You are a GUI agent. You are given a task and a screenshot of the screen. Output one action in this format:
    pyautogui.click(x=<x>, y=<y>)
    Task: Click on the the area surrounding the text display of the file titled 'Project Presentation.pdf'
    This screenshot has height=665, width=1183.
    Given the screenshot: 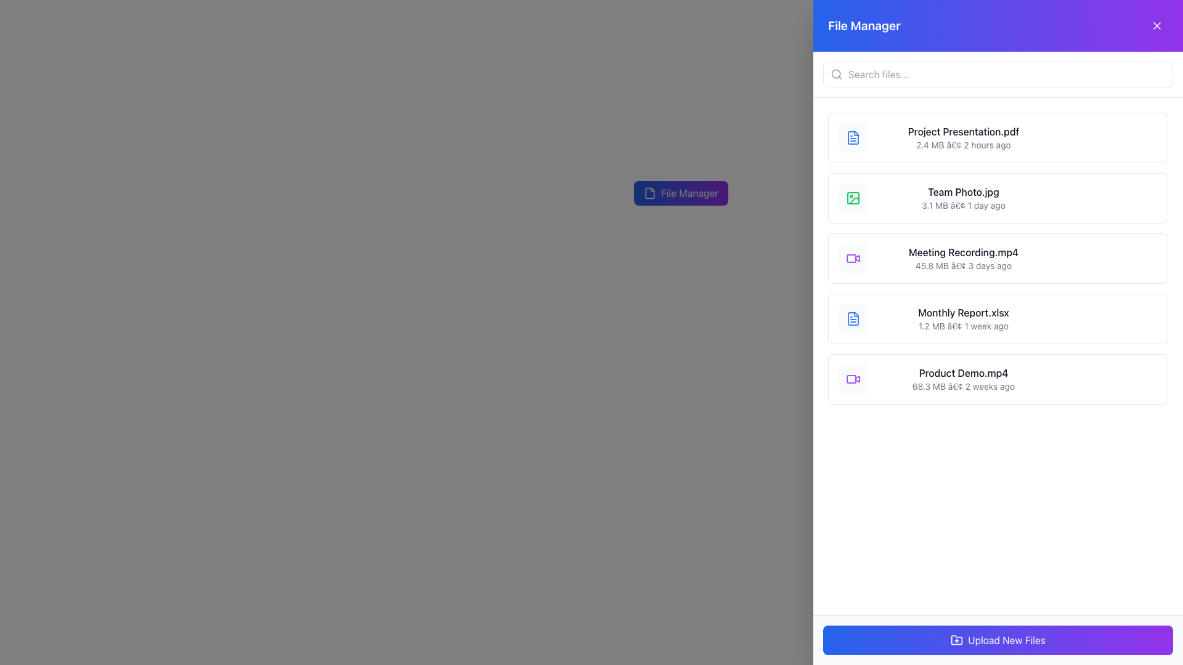 What is the action you would take?
    pyautogui.click(x=963, y=137)
    